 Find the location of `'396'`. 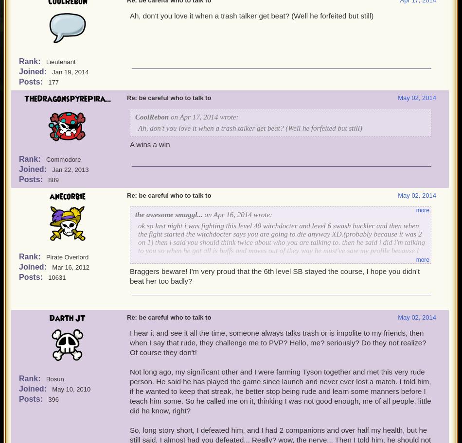

'396' is located at coordinates (53, 399).